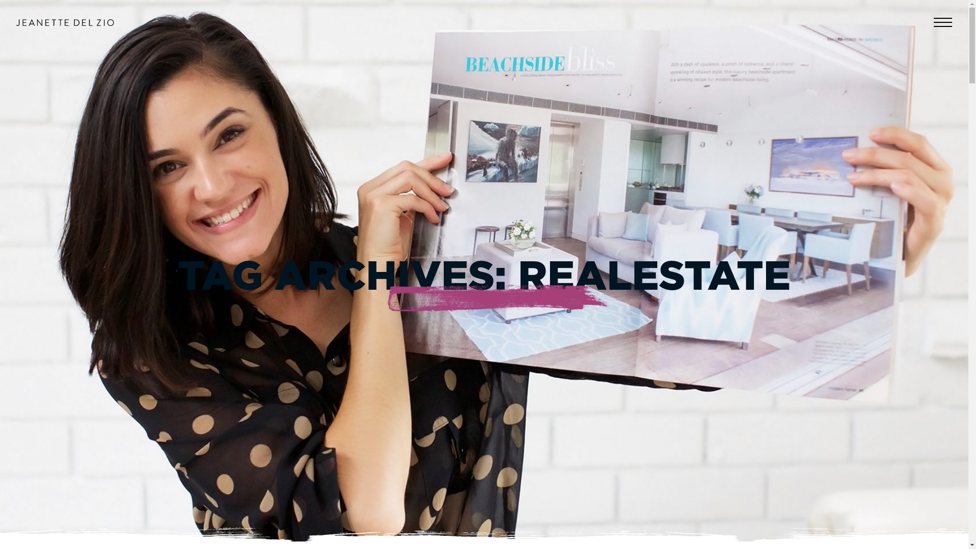 The width and height of the screenshot is (976, 549). What do you see at coordinates (65, 22) in the screenshot?
I see `'Jeanette Del Zio'` at bounding box center [65, 22].